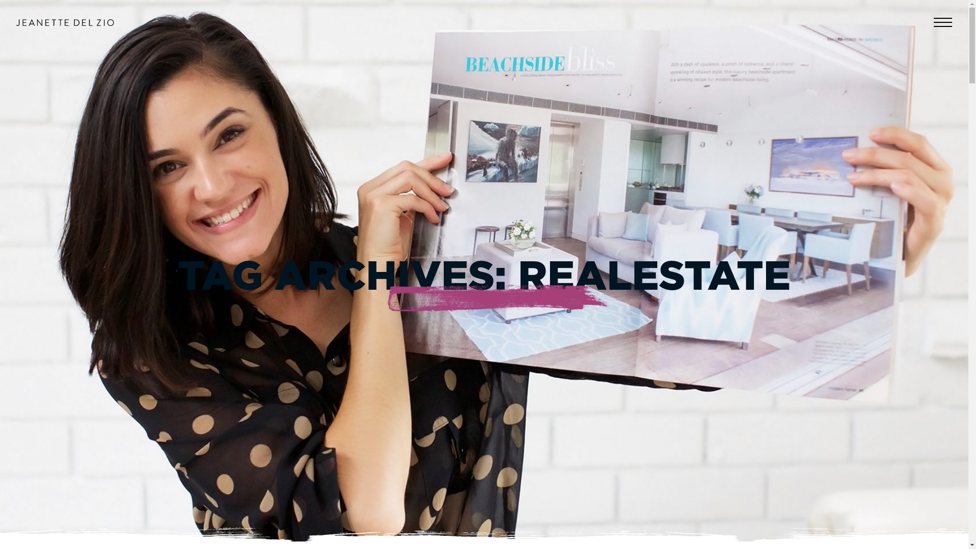 The width and height of the screenshot is (976, 549). What do you see at coordinates (65, 22) in the screenshot?
I see `'Jeanette Del Zio'` at bounding box center [65, 22].